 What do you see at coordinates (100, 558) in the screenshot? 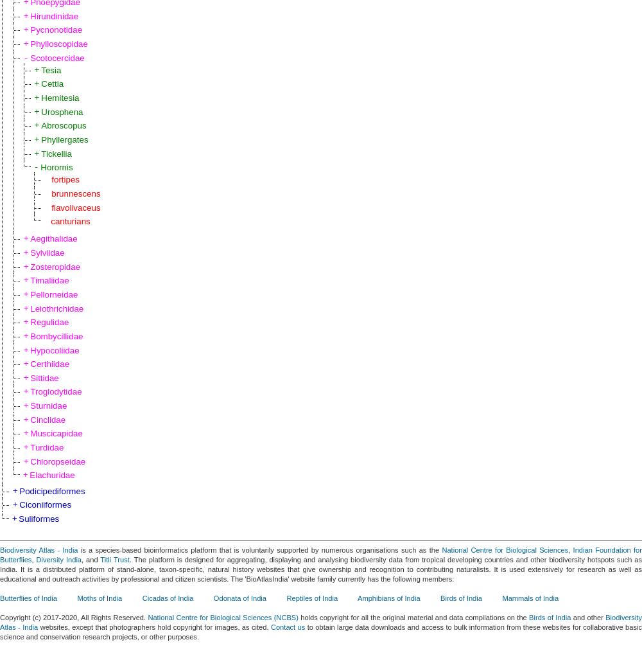
I see `'Titli Trust'` at bounding box center [100, 558].